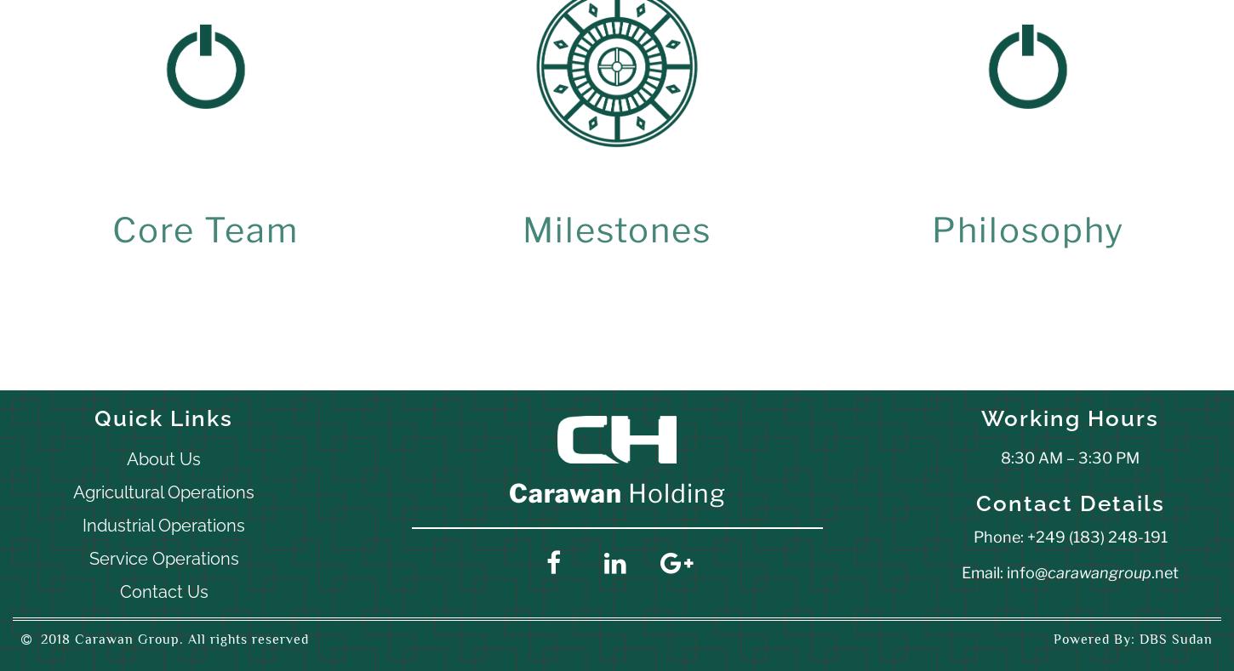 This screenshot has width=1234, height=671. Describe the element at coordinates (1054, 639) in the screenshot. I see `'Powered By: DBS Sudan'` at that location.